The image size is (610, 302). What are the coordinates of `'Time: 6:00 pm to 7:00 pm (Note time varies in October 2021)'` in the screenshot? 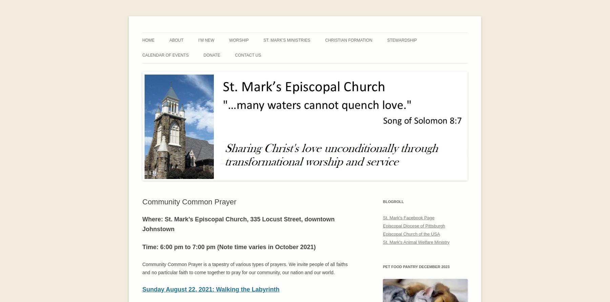 It's located at (142, 247).